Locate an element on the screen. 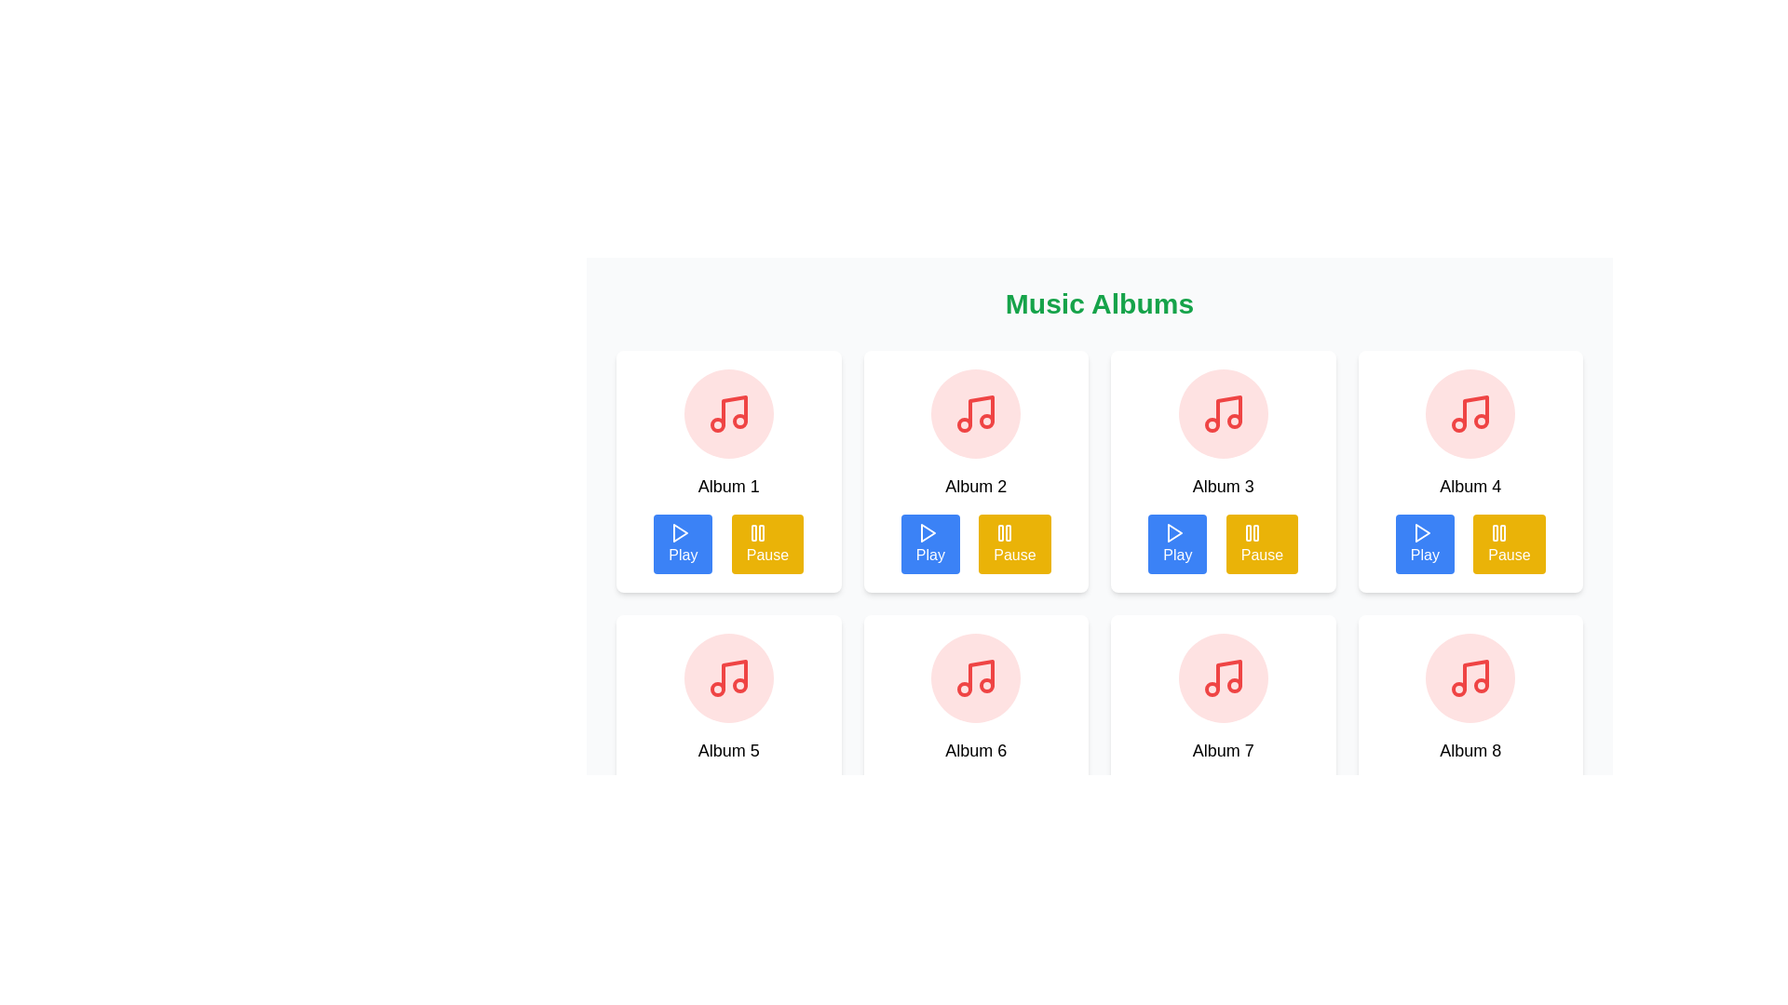 The height and width of the screenshot is (1005, 1788). the interactive album card representing 'Album 1' located in the top-left corner of the grid layout is located at coordinates (727, 470).